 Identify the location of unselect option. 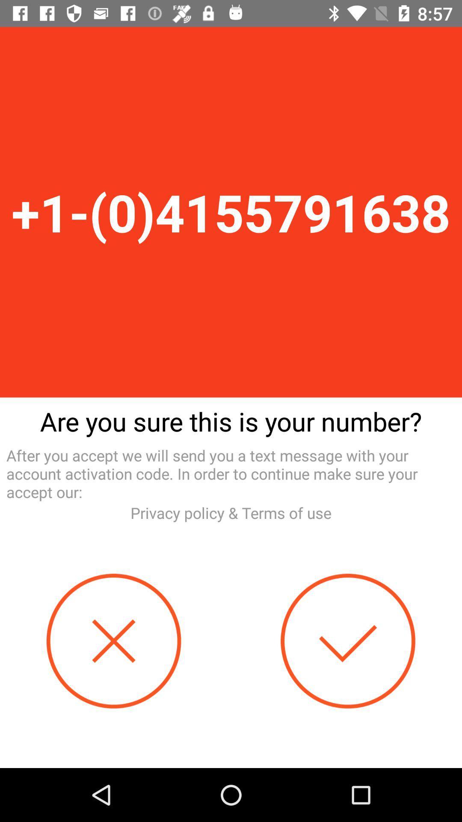
(113, 641).